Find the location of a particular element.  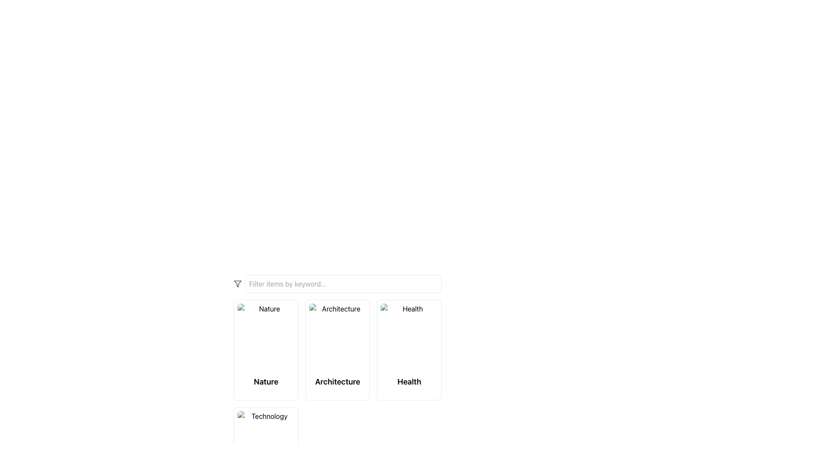

the image representing the 'Architecture' concept, which is the topmost element in the second column of the card layout is located at coordinates (337, 337).